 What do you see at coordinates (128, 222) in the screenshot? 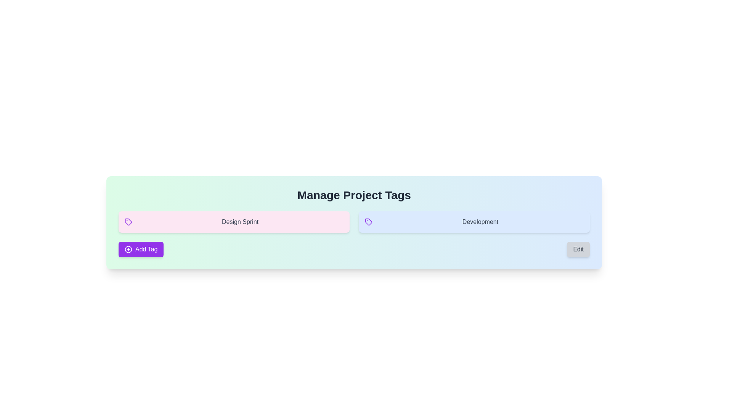
I see `the tag-shaped icon with a purple outline that precedes the text label 'Development' in the project management section` at bounding box center [128, 222].